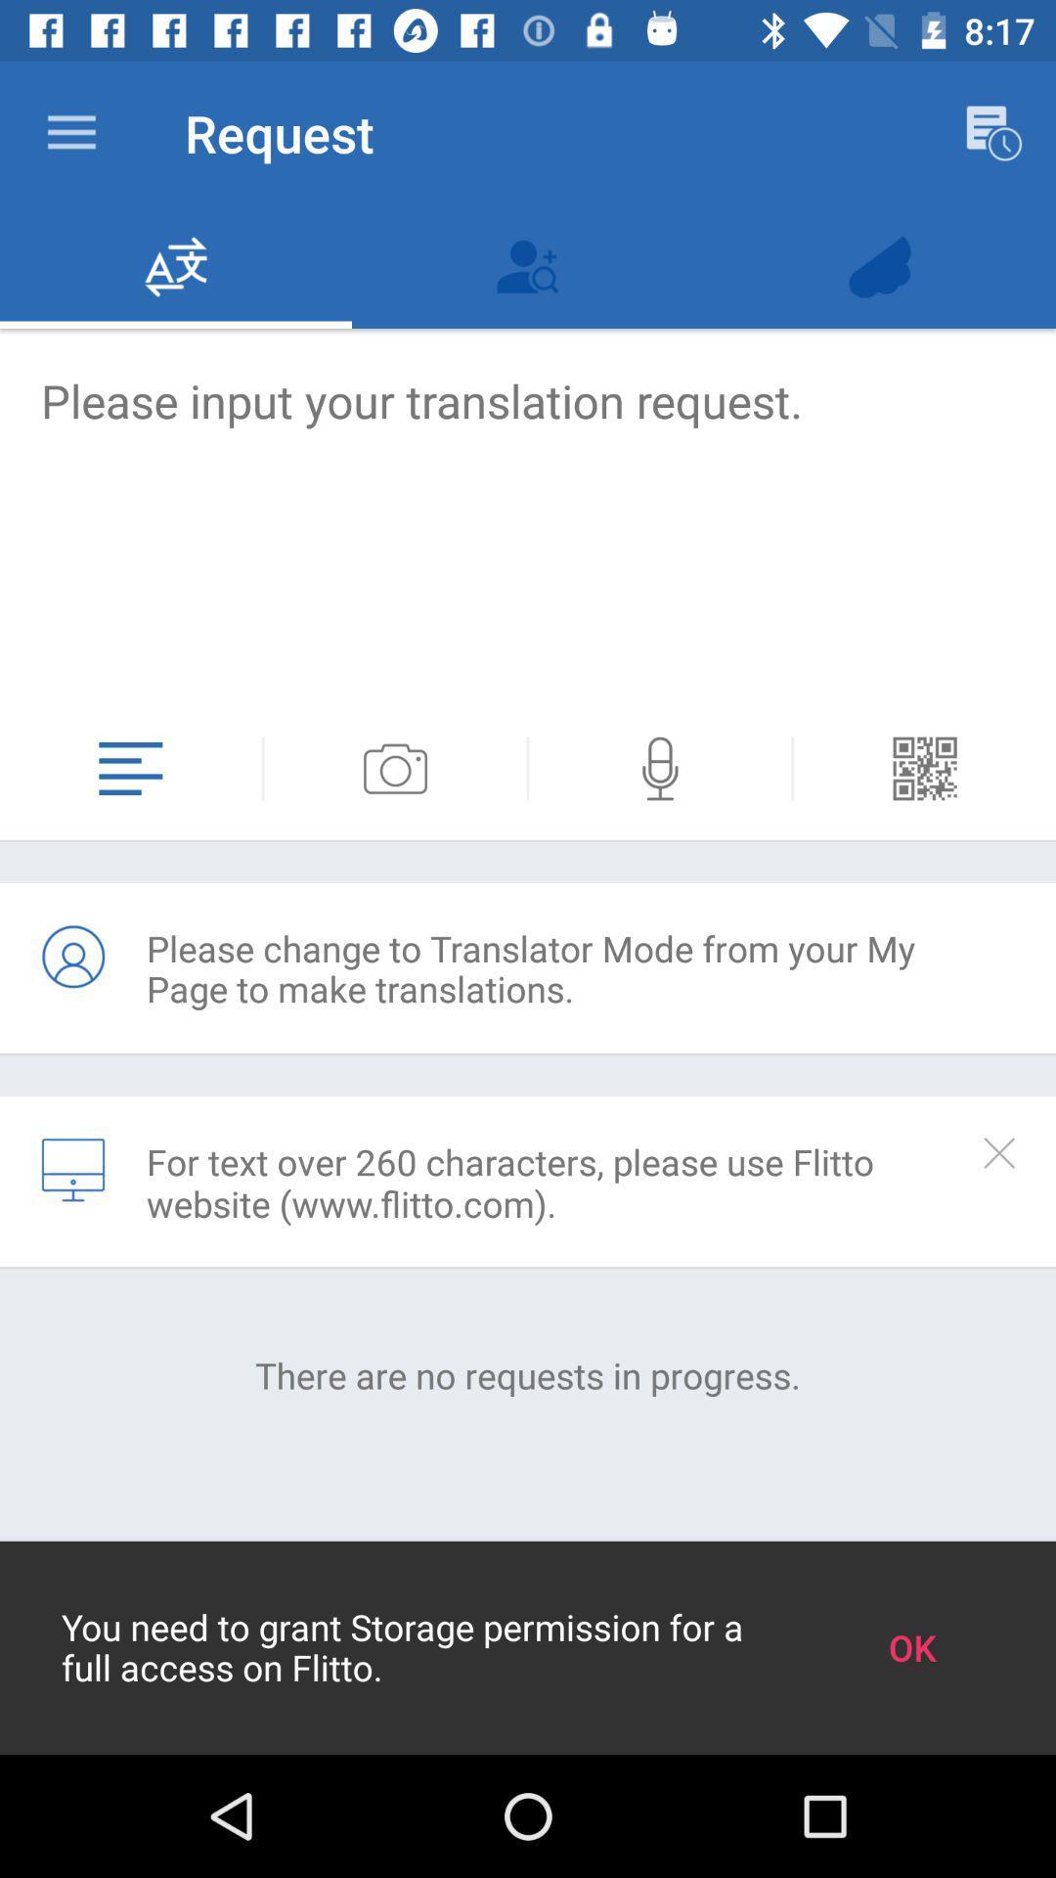 The image size is (1056, 1878). What do you see at coordinates (999, 1153) in the screenshot?
I see `or hide the selected section` at bounding box center [999, 1153].